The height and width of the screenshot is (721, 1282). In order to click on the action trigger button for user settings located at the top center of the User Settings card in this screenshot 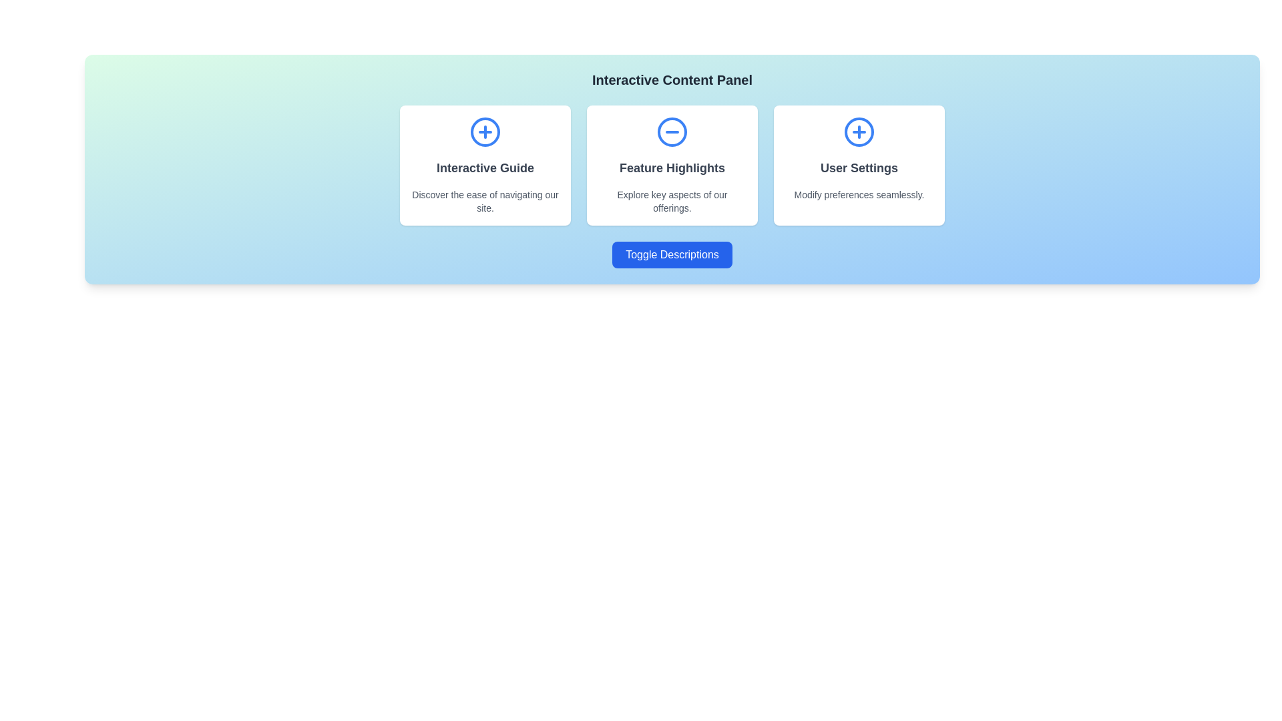, I will do `click(859, 132)`.